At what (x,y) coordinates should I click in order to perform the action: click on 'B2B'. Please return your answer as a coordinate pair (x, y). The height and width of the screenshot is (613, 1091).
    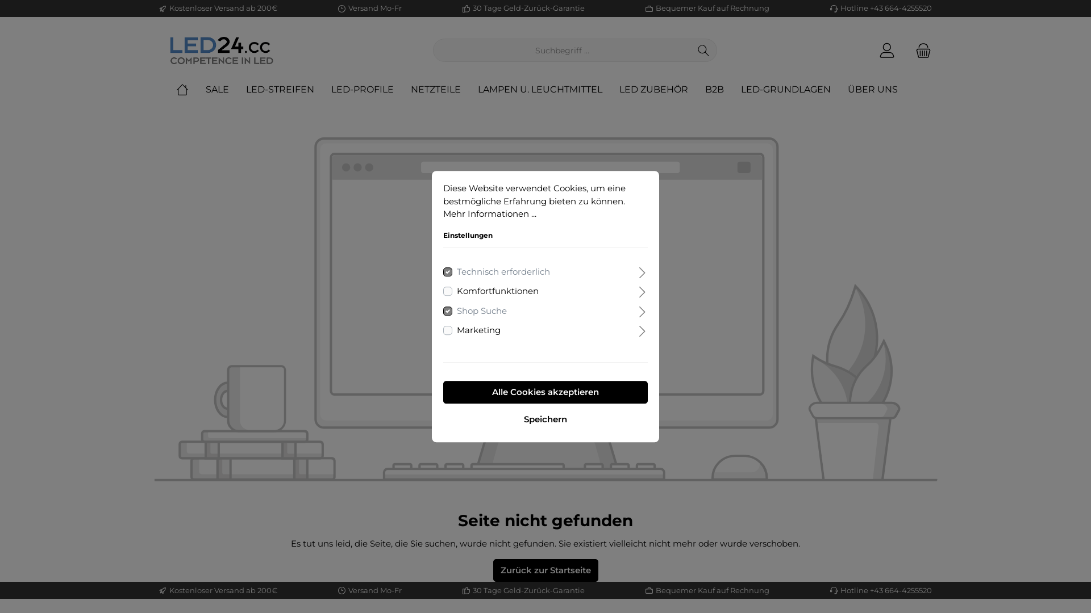
    Looking at the image, I should click on (705, 89).